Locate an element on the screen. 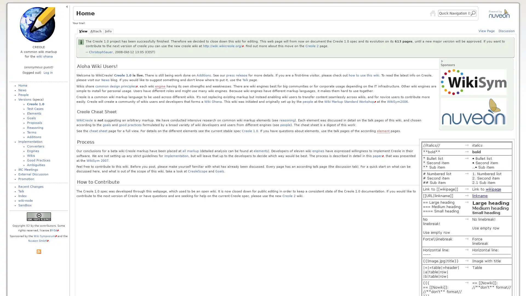 This screenshot has width=526, height=296. Go! is located at coordinates (473, 13).